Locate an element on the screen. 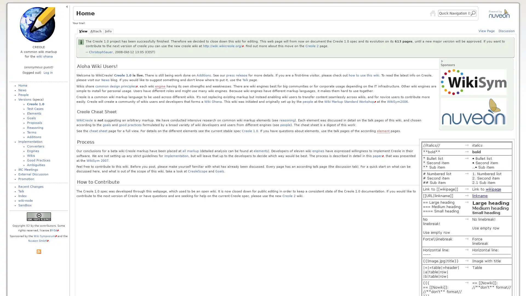 This screenshot has width=526, height=296. Go! is located at coordinates (473, 13).